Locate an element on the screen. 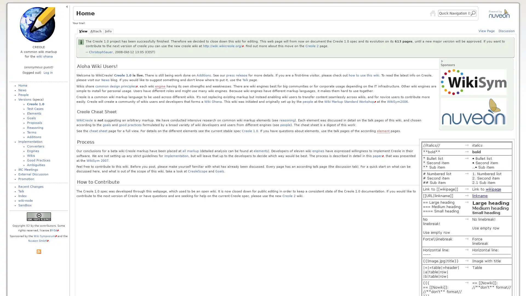 This screenshot has width=526, height=296. Go! is located at coordinates (473, 13).